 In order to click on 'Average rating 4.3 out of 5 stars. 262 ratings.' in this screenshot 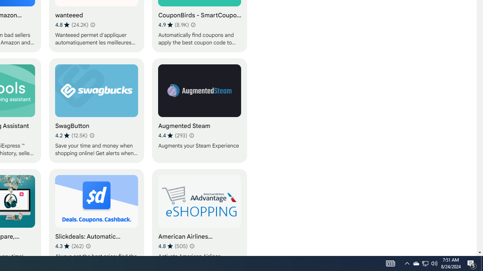, I will do `click(69, 246)`.